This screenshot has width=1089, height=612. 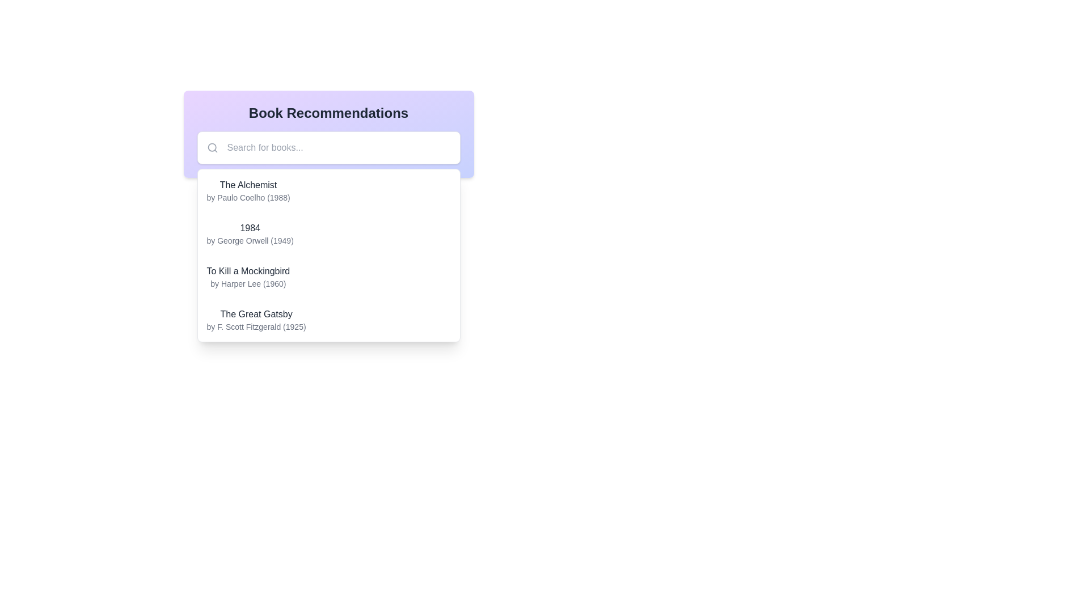 I want to click on the clickable list item featuring 'The Great Gatsby' in bold black font, so click(x=328, y=320).